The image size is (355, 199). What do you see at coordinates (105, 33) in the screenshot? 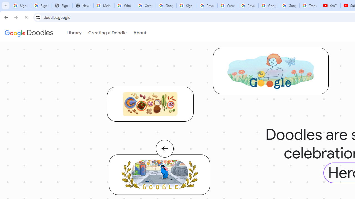
I see `'Creating a Doodle'` at bounding box center [105, 33].